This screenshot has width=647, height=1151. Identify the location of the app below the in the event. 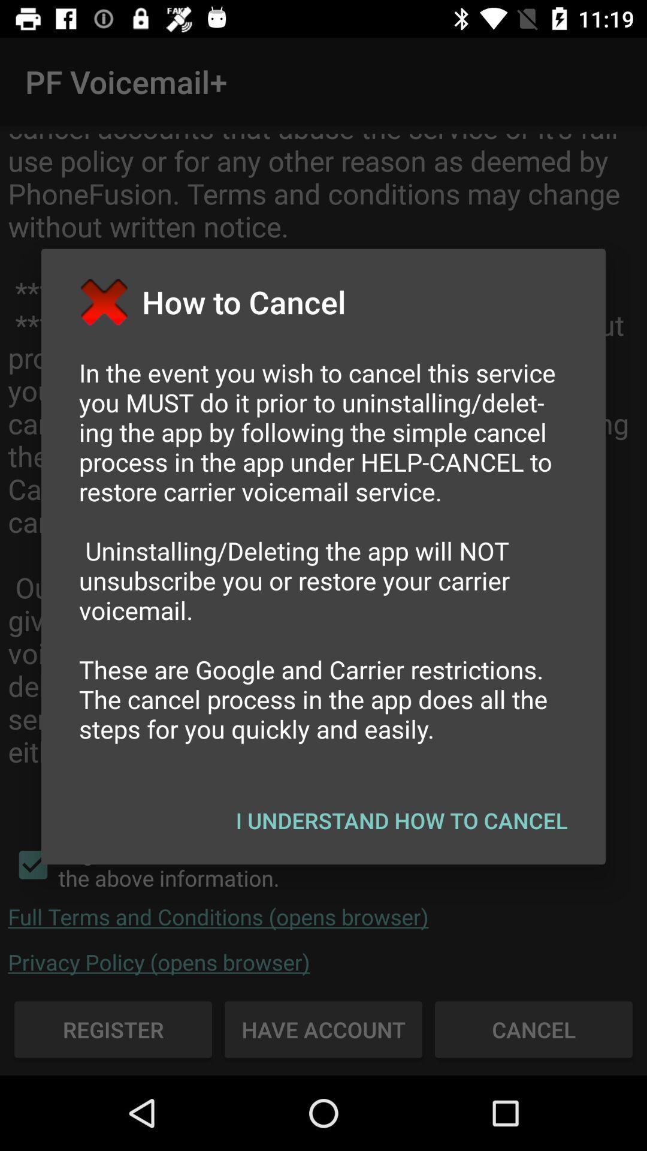
(401, 819).